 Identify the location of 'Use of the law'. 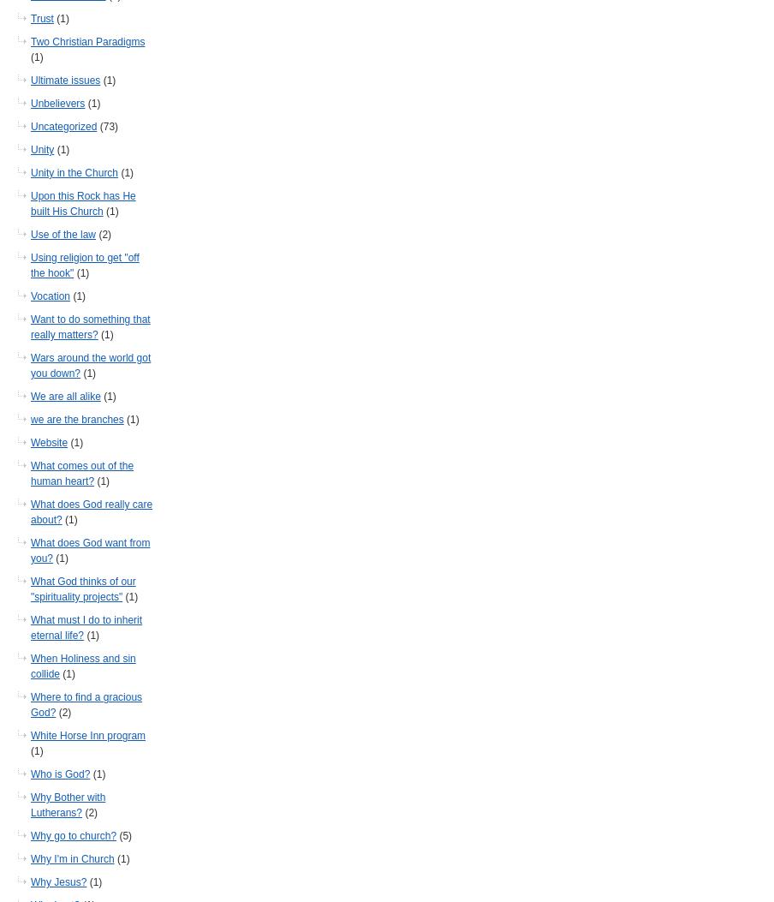
(29, 233).